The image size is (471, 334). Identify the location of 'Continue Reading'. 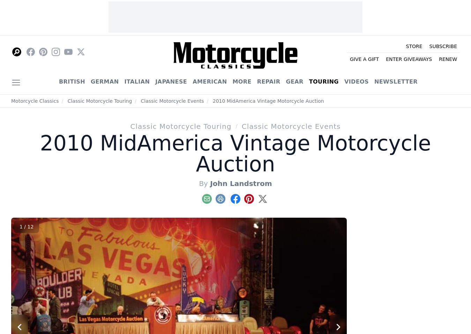
(151, 129).